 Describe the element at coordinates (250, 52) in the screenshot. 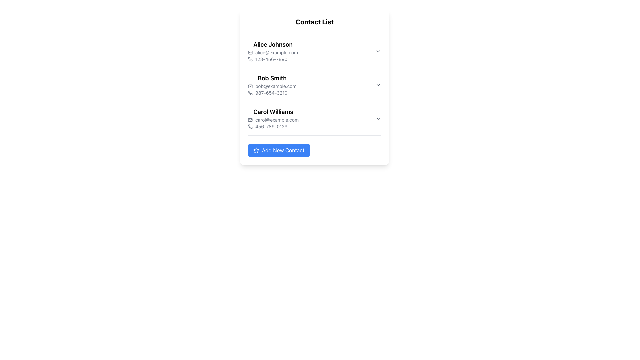

I see `the envelope icon located next to the email address 'alice@example.com' in the contact list` at that location.